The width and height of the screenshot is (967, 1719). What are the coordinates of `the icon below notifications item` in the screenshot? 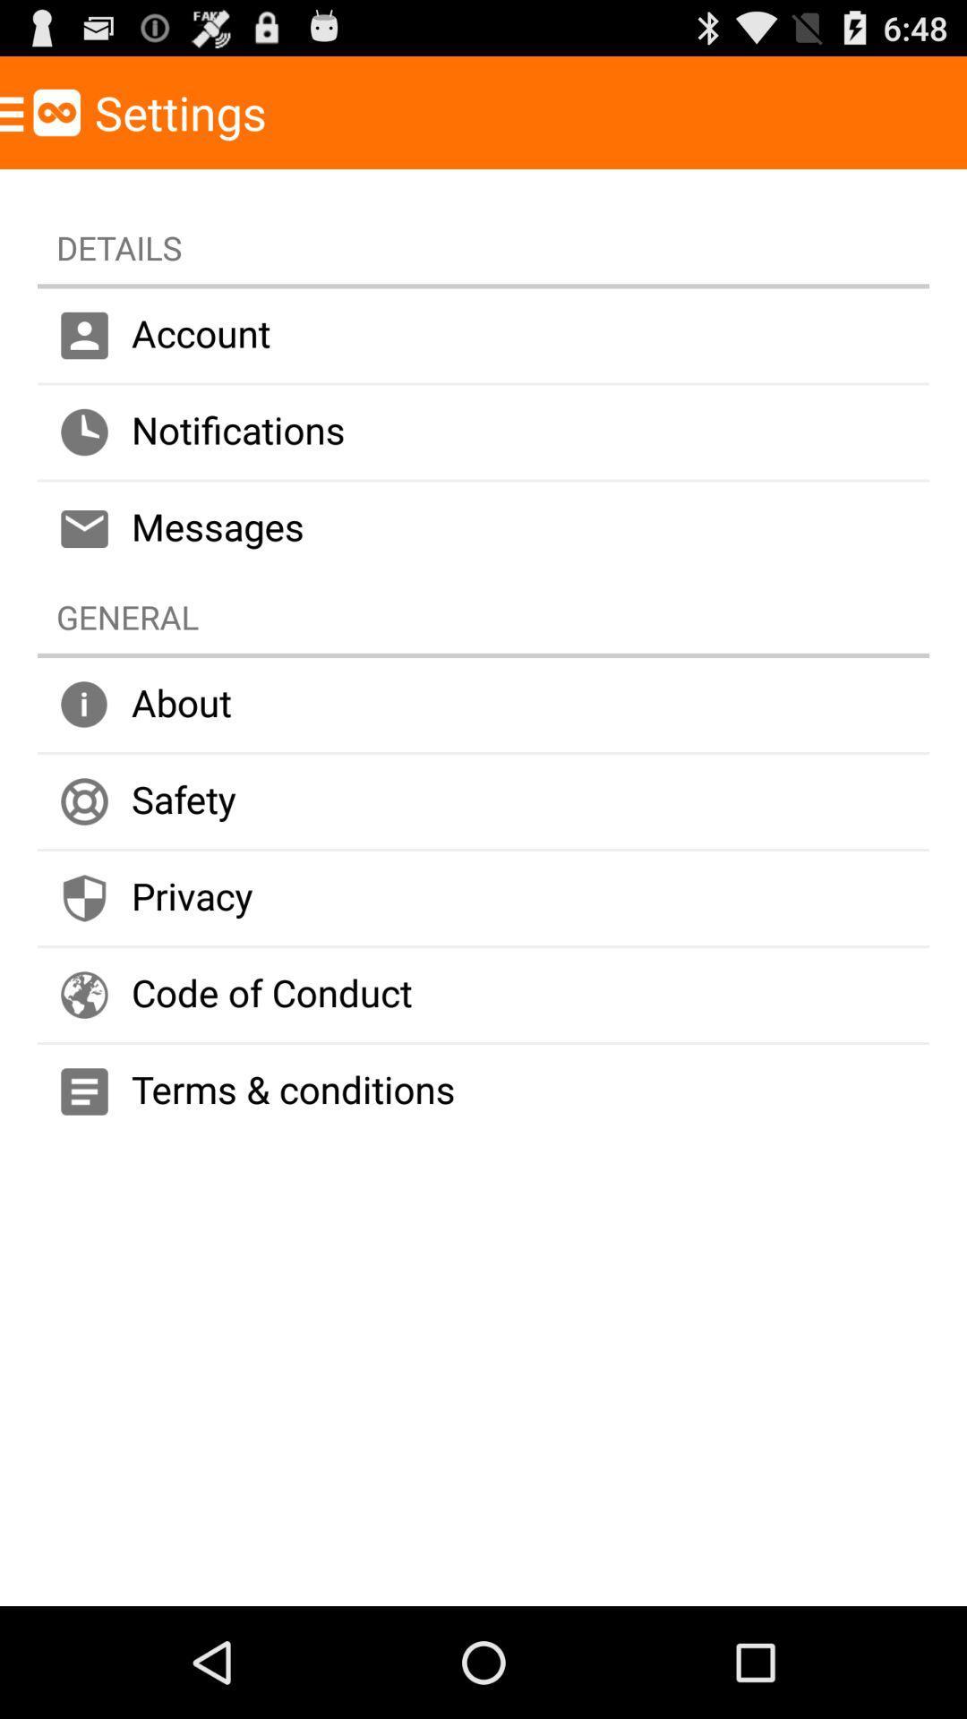 It's located at (483, 527).